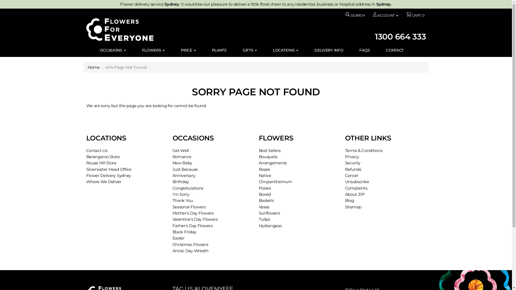 The width and height of the screenshot is (516, 290). Describe the element at coordinates (264, 176) in the screenshot. I see `'Native'` at that location.